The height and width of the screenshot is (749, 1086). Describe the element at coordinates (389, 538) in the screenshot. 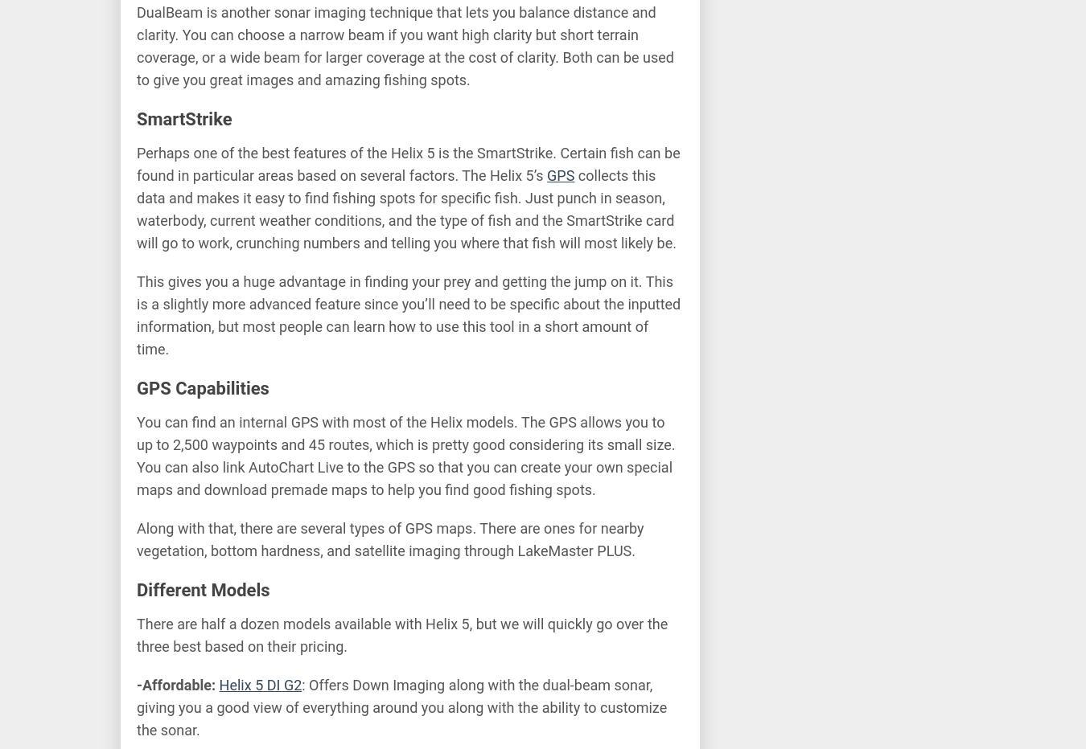

I see `'Along with that, there are several types of GPS maps. There are ones for nearby vegetation, bottom hardness, and satellite imaging through LakeMaster PLUS.'` at that location.